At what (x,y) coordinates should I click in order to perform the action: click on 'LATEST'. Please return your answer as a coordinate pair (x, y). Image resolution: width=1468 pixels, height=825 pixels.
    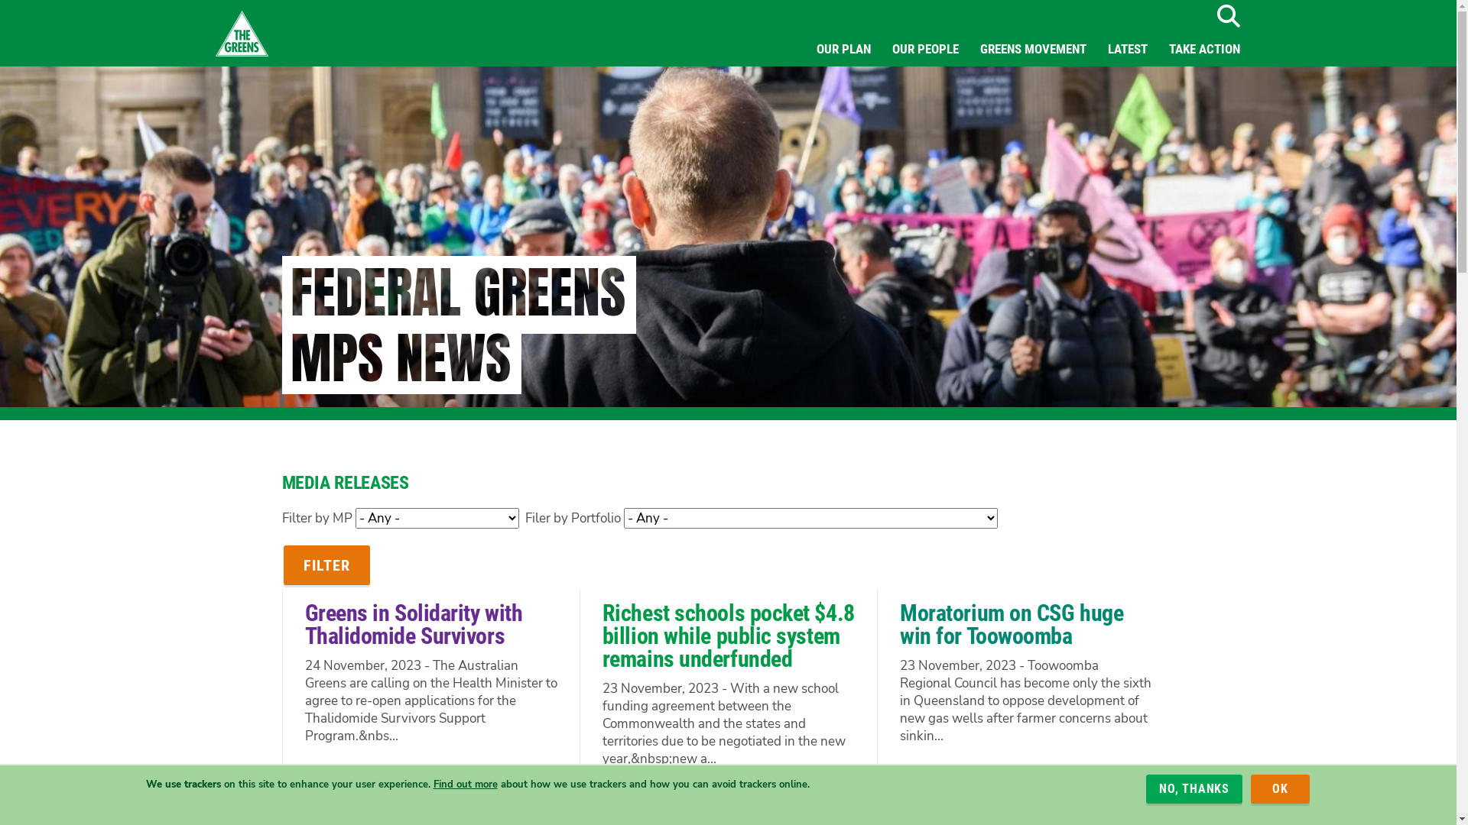
    Looking at the image, I should click on (1096, 48).